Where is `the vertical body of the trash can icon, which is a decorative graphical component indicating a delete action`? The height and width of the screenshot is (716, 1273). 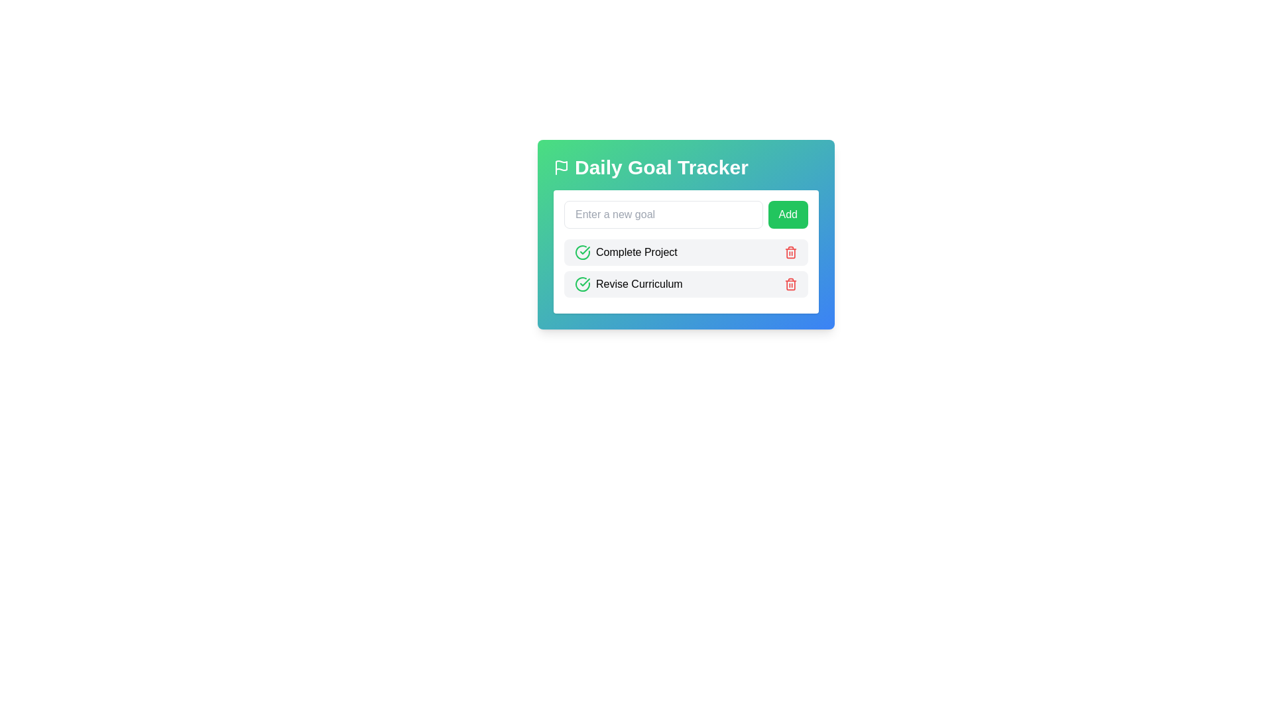
the vertical body of the trash can icon, which is a decorative graphical component indicating a delete action is located at coordinates (791, 284).